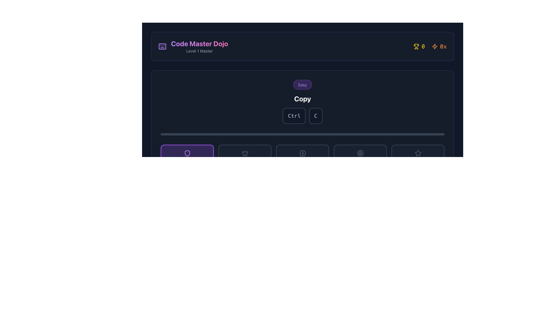  I want to click on the static text element that displays a score or count, located in the top-right section of the interface, which is styled for display purposes, so click(423, 46).